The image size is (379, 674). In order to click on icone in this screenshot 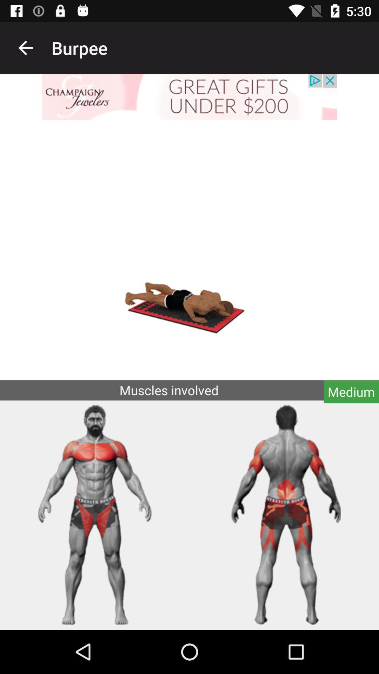, I will do `click(189, 96)`.